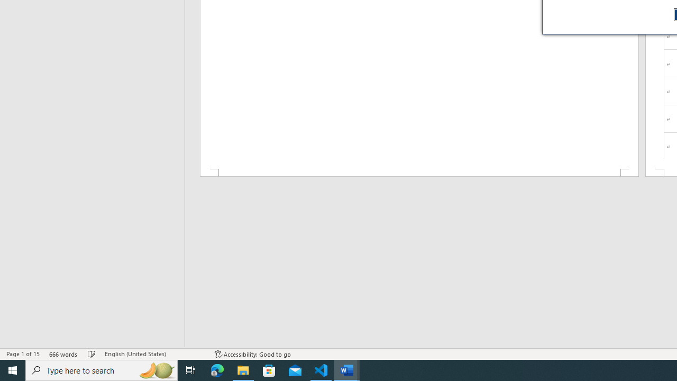 Image resolution: width=677 pixels, height=381 pixels. I want to click on 'File Explorer - 1 running window', so click(243, 369).